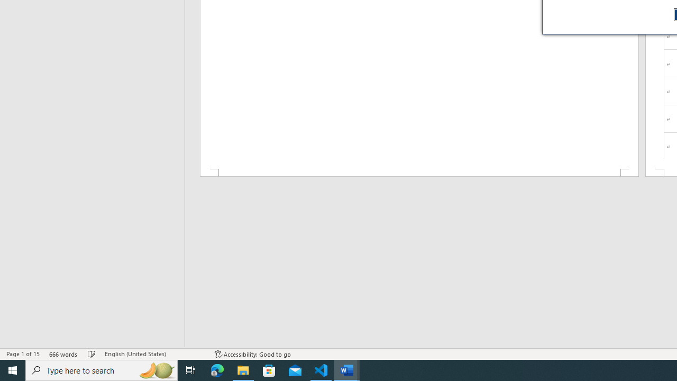 Image resolution: width=677 pixels, height=381 pixels. I want to click on 'File Explorer - 1 running window', so click(243, 369).